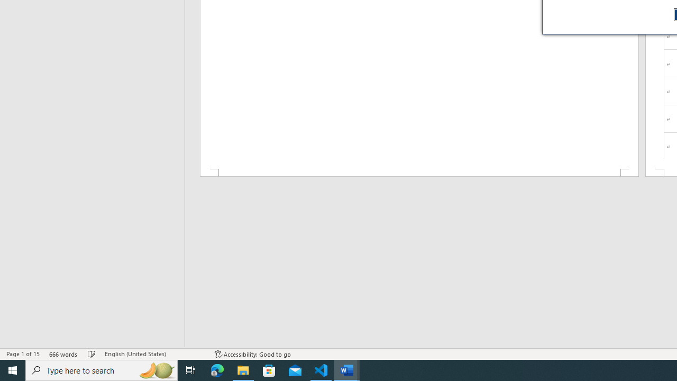 Image resolution: width=677 pixels, height=381 pixels. I want to click on 'File Explorer - 1 running window', so click(243, 369).